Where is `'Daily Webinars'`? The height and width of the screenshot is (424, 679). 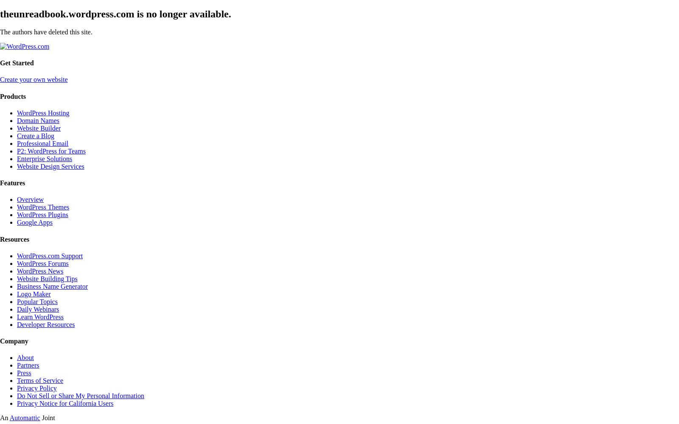 'Daily Webinars' is located at coordinates (37, 308).